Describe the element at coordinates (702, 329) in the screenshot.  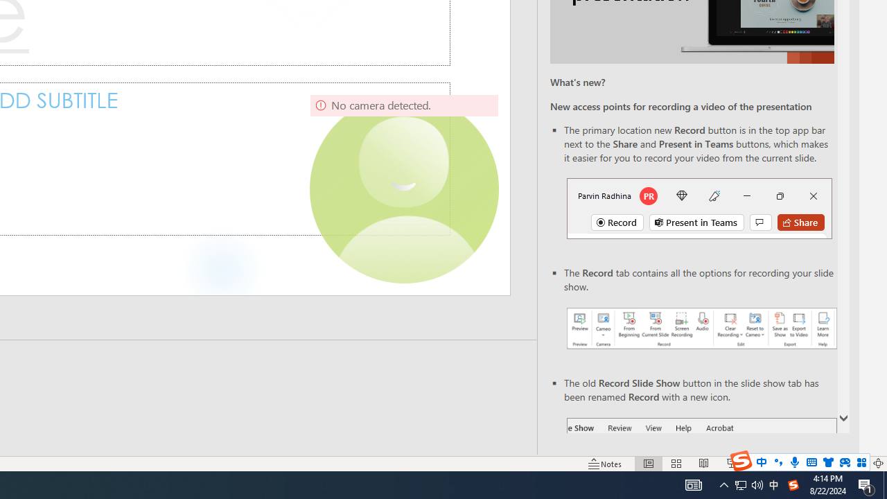
I see `'Record your presentations screenshot one'` at that location.